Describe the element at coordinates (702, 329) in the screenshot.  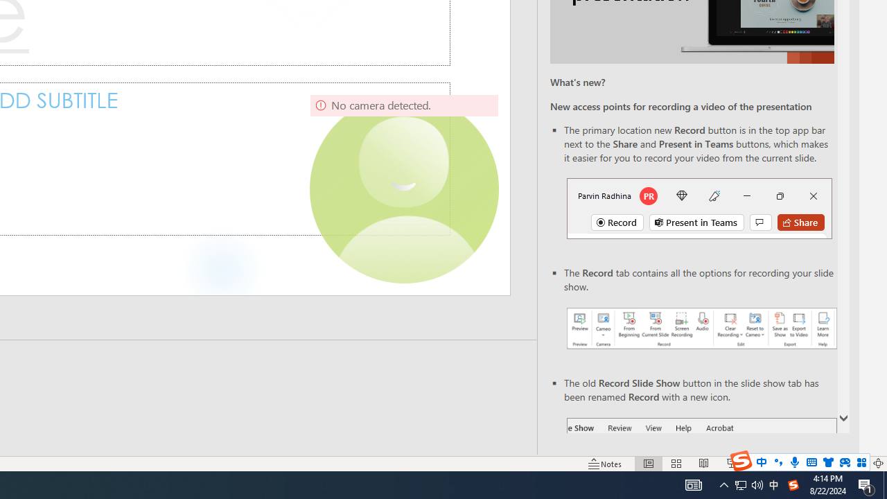
I see `'Record your presentations screenshot one'` at that location.